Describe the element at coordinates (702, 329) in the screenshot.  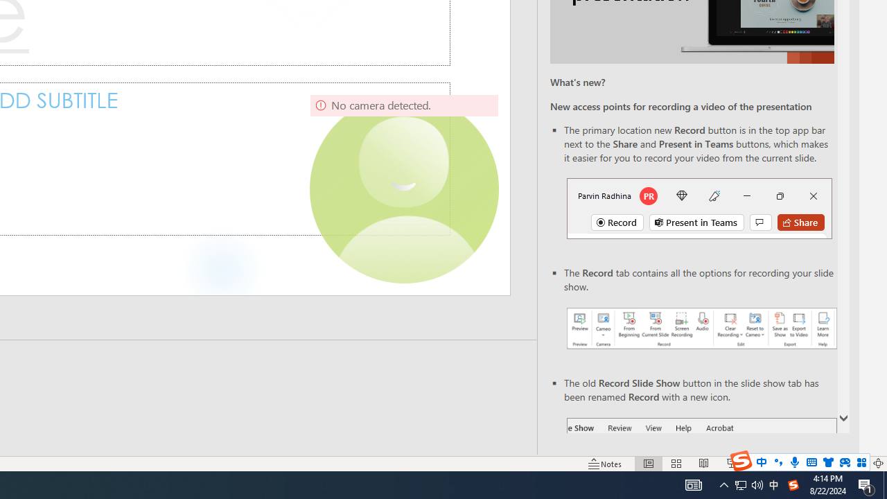
I see `'Record your presentations screenshot one'` at that location.